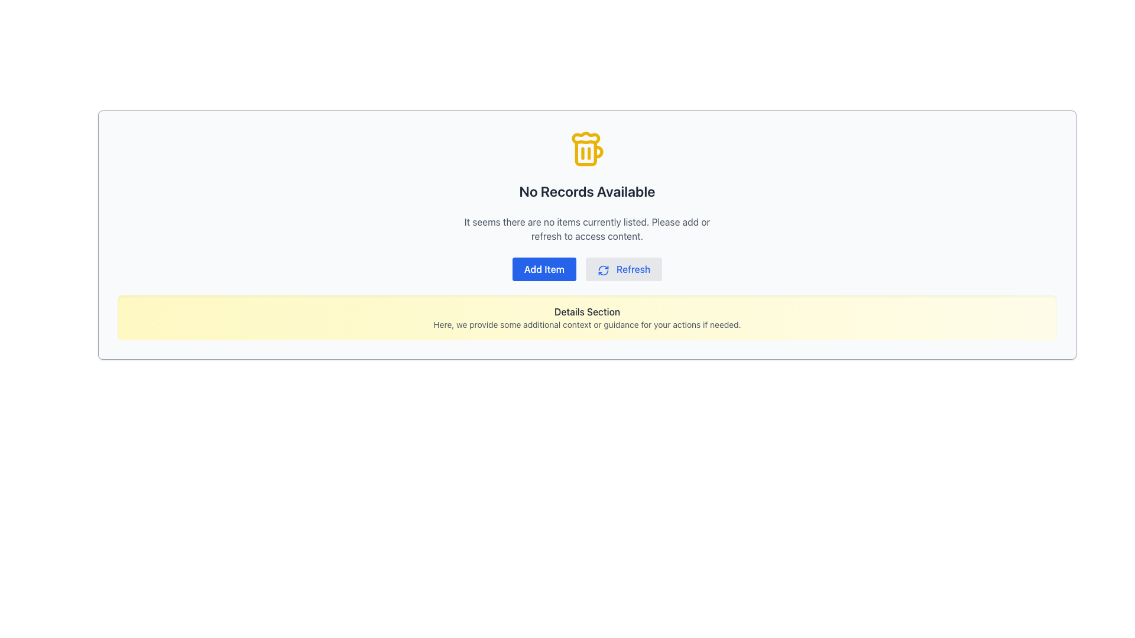 This screenshot has width=1135, height=638. Describe the element at coordinates (603, 270) in the screenshot. I see `the refresh icon, which is styled with a circular arrow pattern and is located within the 'Refresh' button in the interface` at that location.